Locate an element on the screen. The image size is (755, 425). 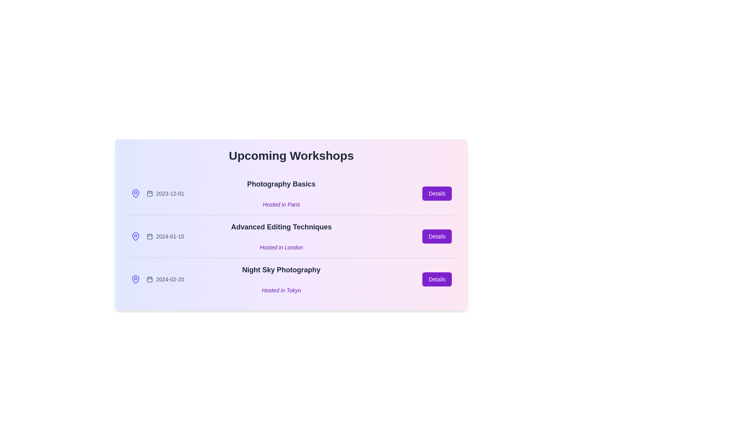
the workshop item corresponding to Advanced Editing Techniques is located at coordinates (291, 236).